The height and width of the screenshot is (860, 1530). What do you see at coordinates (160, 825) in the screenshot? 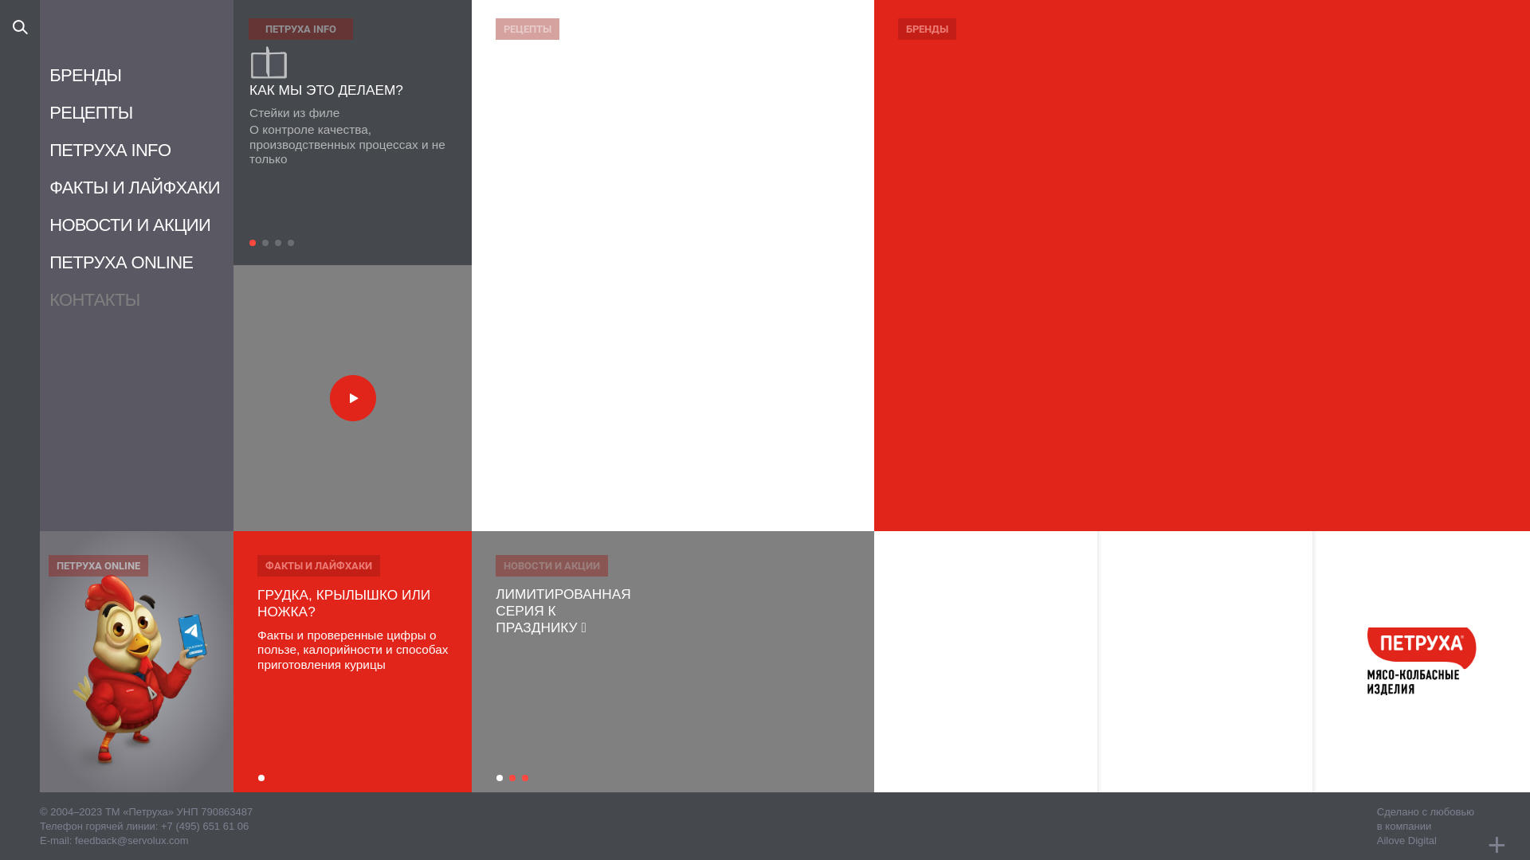
I see `'+7 (495) 651 61 06'` at bounding box center [160, 825].